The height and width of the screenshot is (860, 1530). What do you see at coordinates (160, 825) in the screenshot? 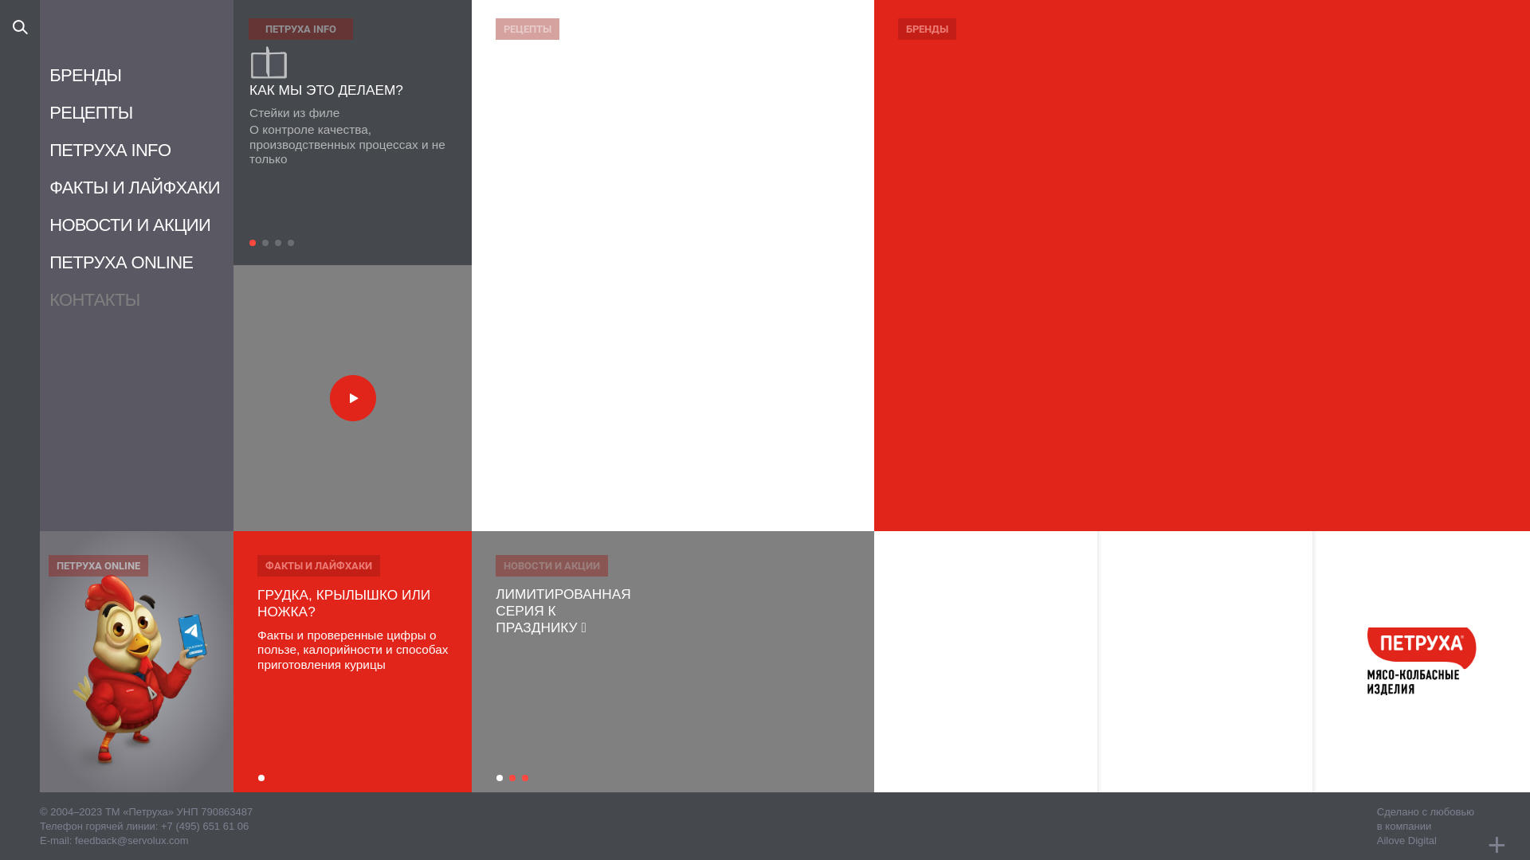
I see `'+7 (495) 651 61 06'` at bounding box center [160, 825].